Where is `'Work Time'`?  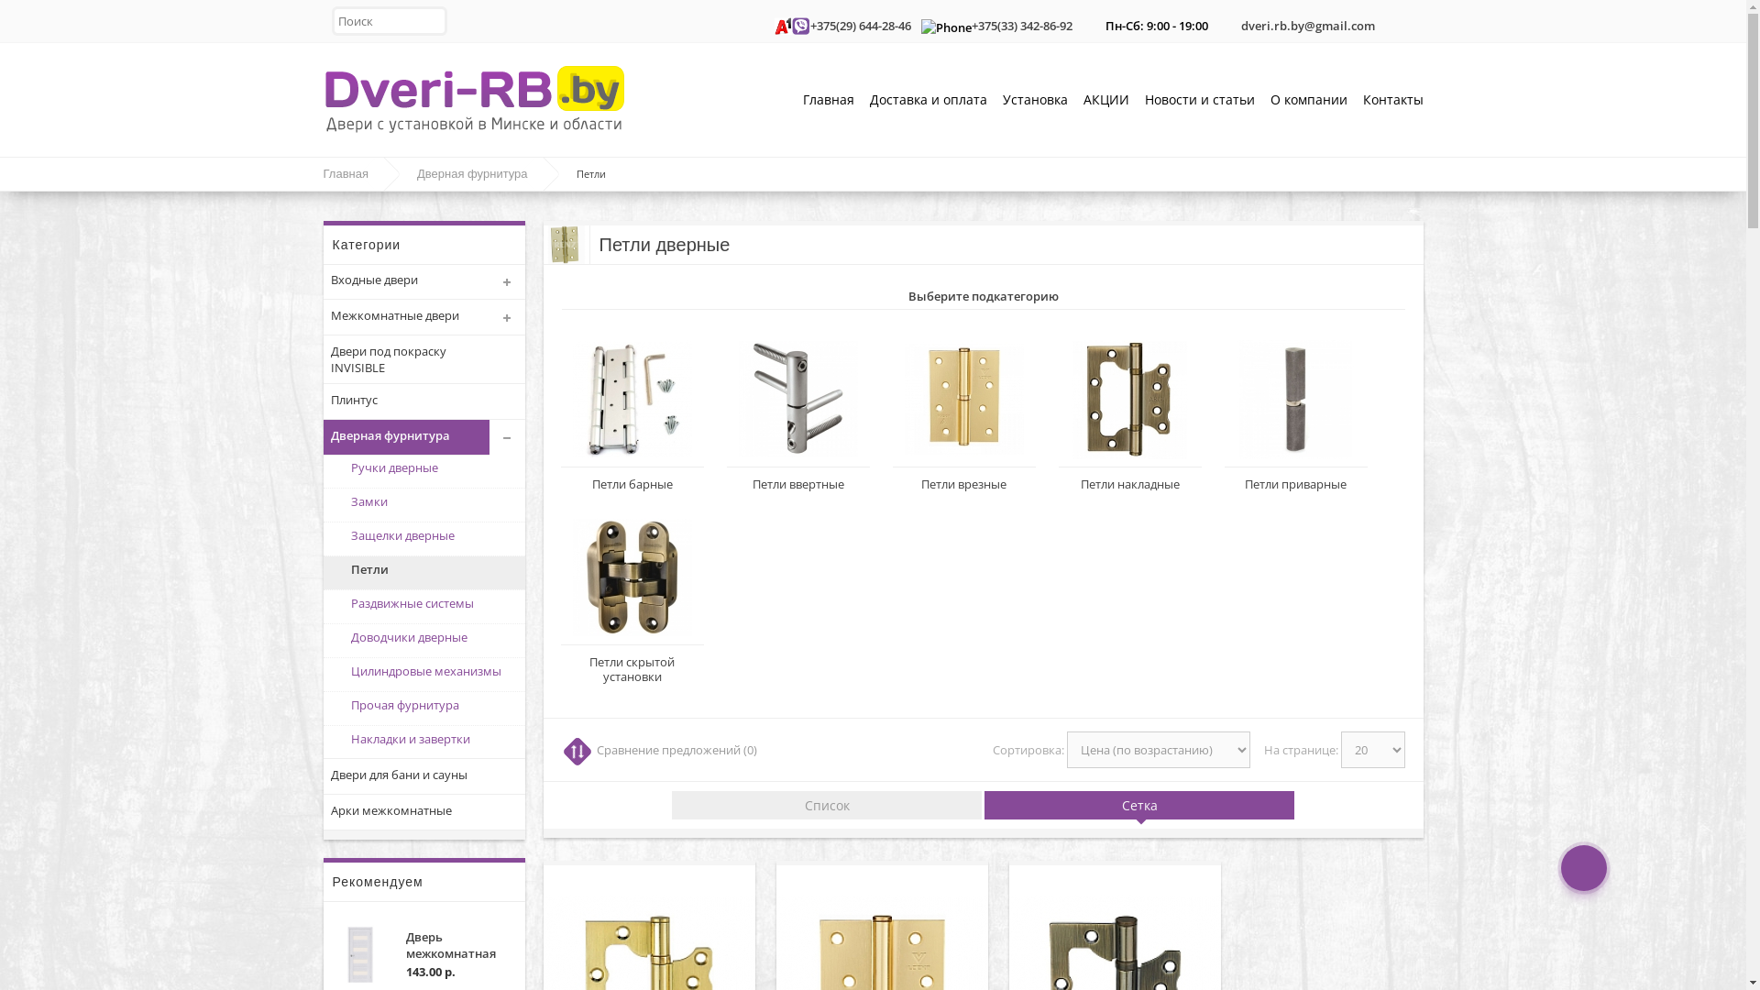
'Work Time' is located at coordinates (1082, 20).